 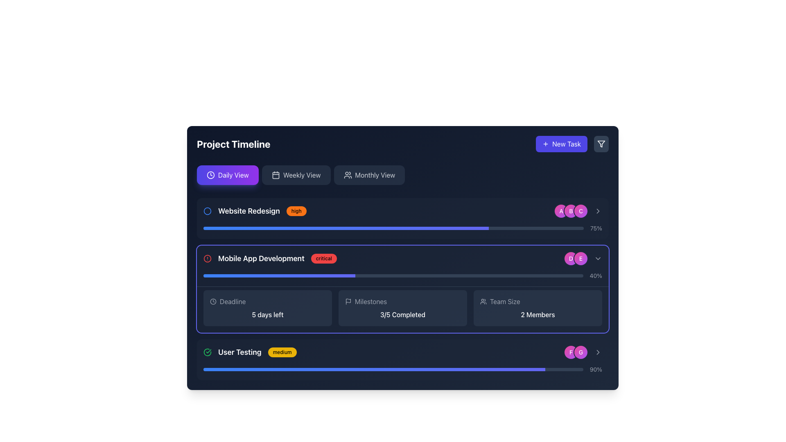 I want to click on the progress value, so click(x=483, y=369).